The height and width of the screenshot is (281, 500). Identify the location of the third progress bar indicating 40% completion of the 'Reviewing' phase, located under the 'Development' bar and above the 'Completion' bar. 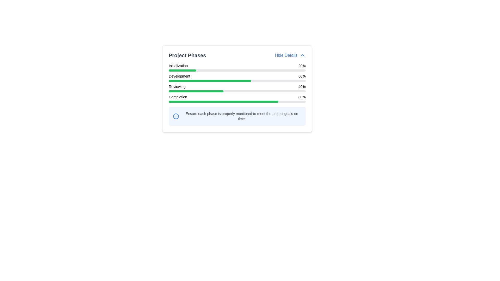
(237, 88).